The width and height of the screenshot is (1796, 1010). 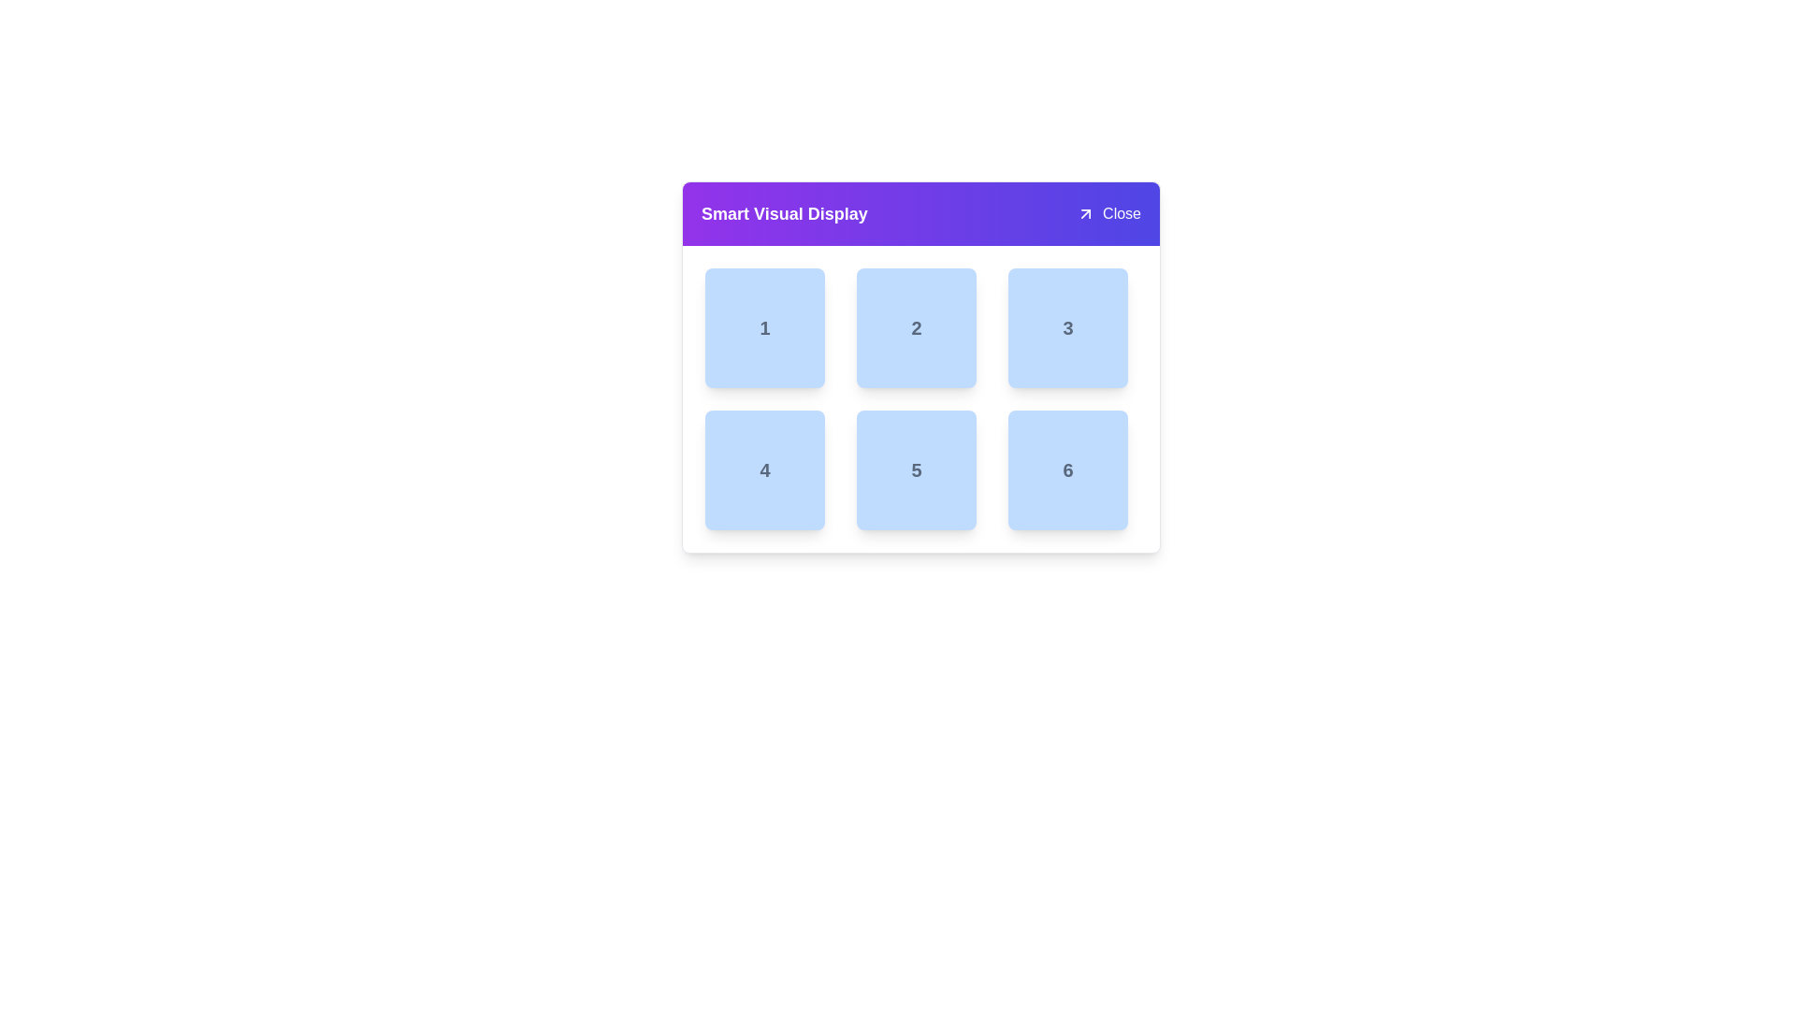 I want to click on the close button located at the rightmost side of the 'Smart Visual Display' header, so click(x=1108, y=212).